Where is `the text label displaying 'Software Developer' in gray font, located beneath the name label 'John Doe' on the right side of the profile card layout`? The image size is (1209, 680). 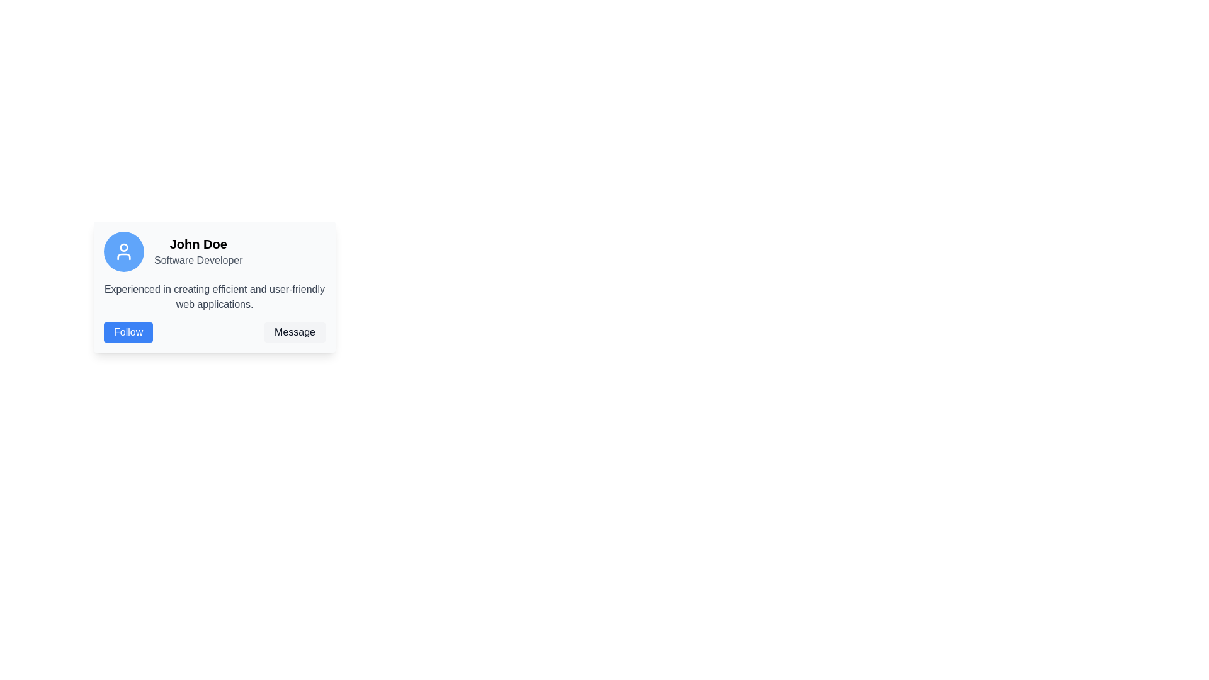
the text label displaying 'Software Developer' in gray font, located beneath the name label 'John Doe' on the right side of the profile card layout is located at coordinates (198, 259).